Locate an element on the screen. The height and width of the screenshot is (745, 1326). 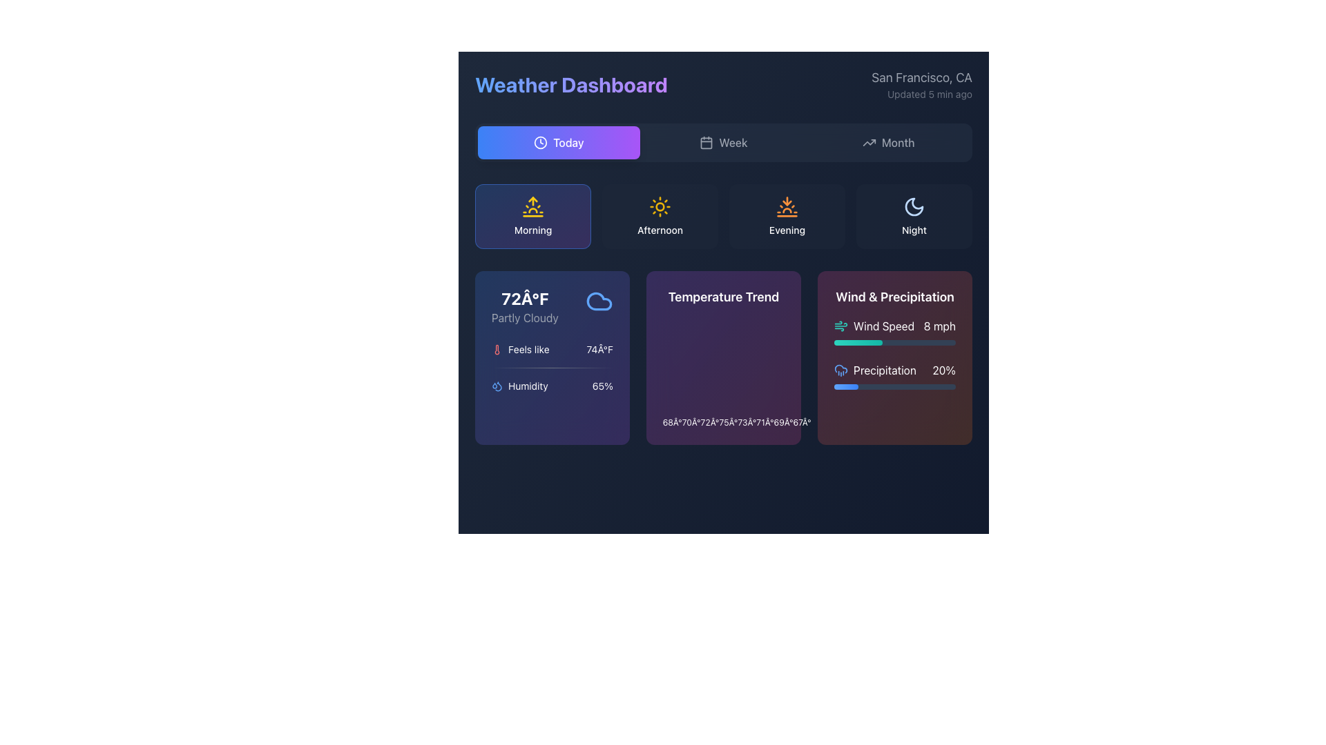
the wind icon located to the left of the 'Wind Speed' label in the 'Wind & Precipitation' card at the lower right section of the interface is located at coordinates (840, 326).